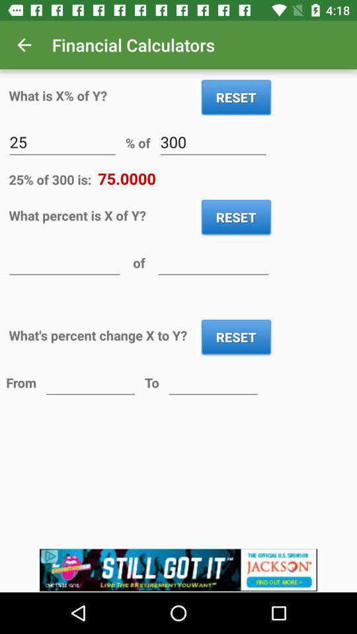 This screenshot has width=357, height=634. Describe the element at coordinates (178, 570) in the screenshot. I see `adds` at that location.